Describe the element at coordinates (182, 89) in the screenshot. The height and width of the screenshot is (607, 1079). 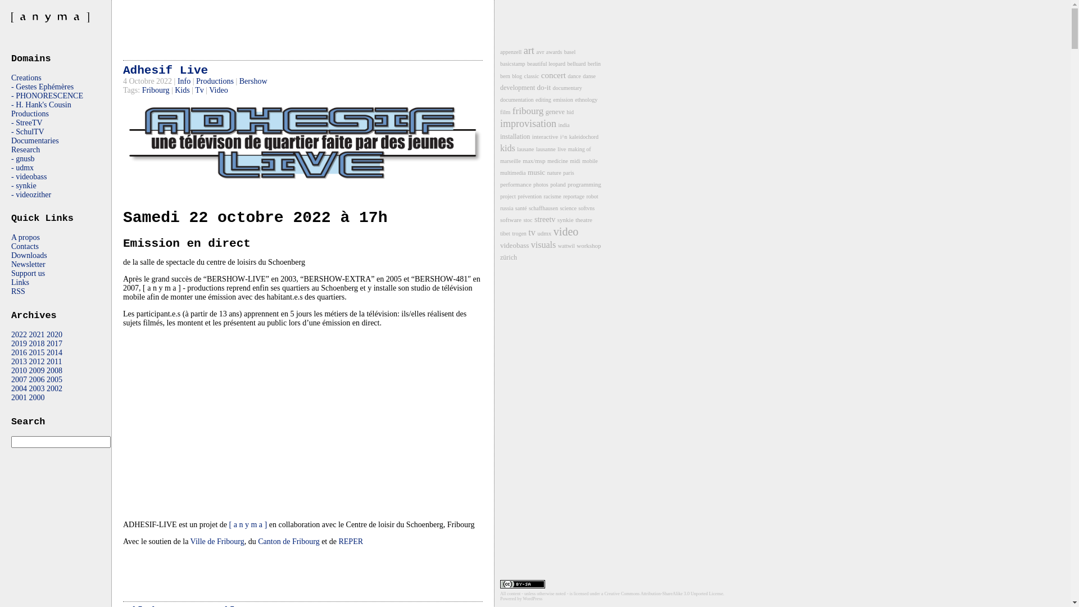
I see `'Kids'` at that location.